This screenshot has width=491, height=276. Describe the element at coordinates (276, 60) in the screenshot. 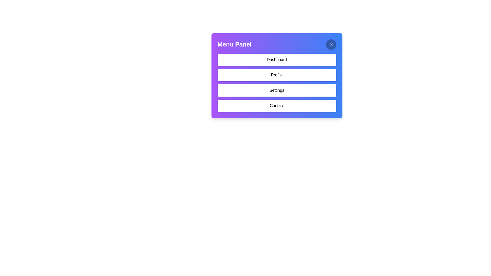

I see `the rectangular 'Dashboard' button, which is the first button in a vertically stacked group beneath the 'Menu Panel' header` at that location.